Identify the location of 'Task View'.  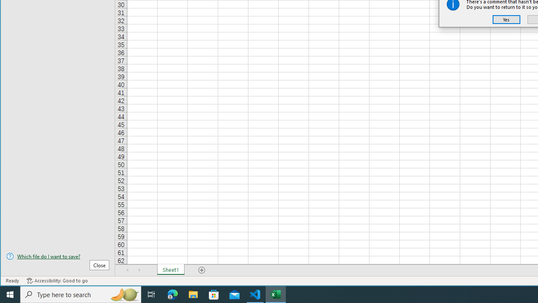
(151, 294).